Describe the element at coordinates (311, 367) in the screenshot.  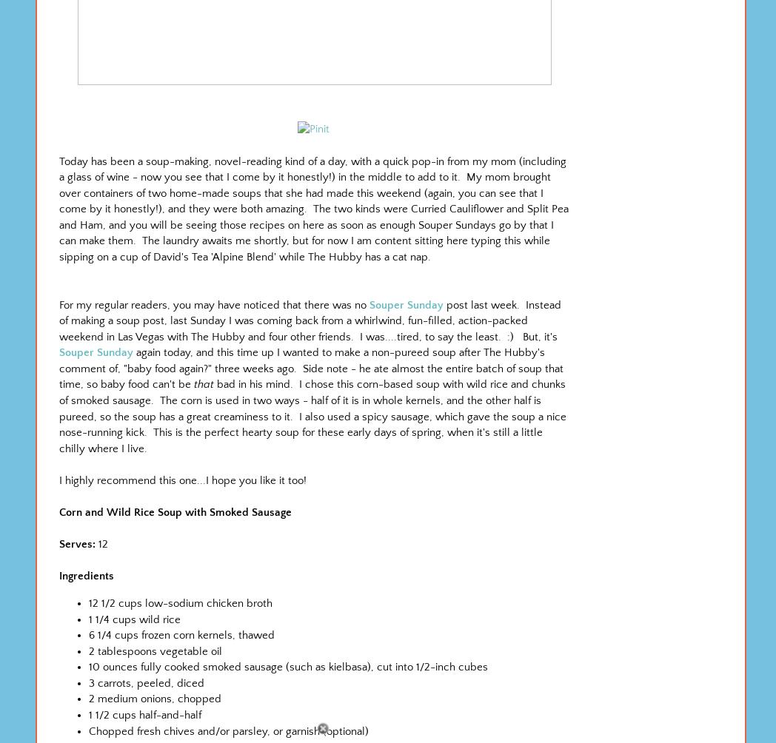
I see `'again today, and this time up I wanted to make a non-pureed soup after The Hubby's comment of, "baby food again?" three weeks ago.  Side note - he ate almost the entire batch of soup that time, so baby food can't be'` at that location.